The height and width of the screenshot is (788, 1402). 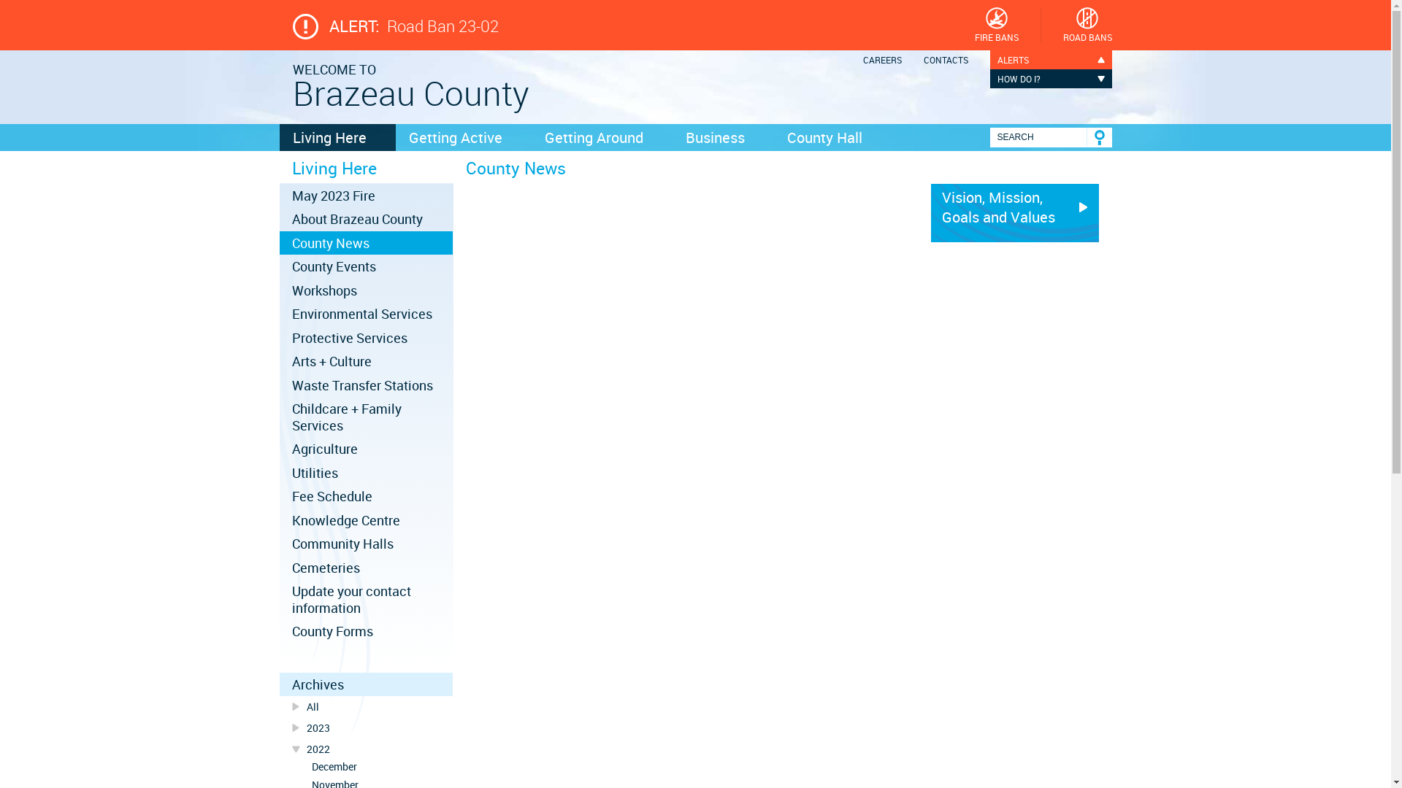 I want to click on 'Childcare + Family Services', so click(x=365, y=417).